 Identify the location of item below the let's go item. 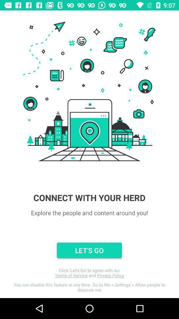
(89, 273).